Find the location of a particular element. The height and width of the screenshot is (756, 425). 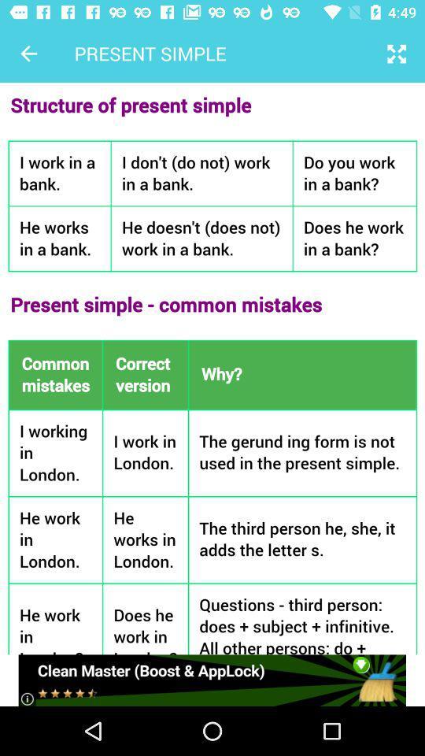

related content/descriptions is located at coordinates (213, 369).